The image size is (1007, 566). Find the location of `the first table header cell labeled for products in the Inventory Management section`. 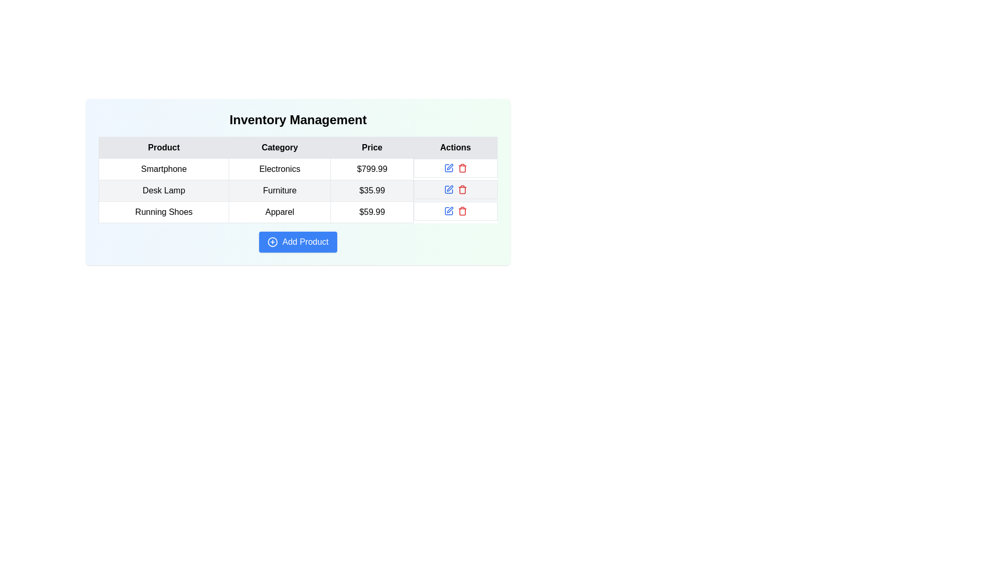

the first table header cell labeled for products in the Inventory Management section is located at coordinates (163, 147).